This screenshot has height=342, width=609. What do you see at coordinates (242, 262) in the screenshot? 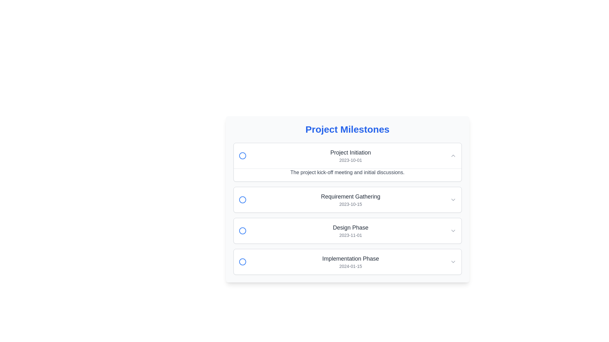
I see `the circular outline with a blue stroke and white background located to the left of the 'Implementation Phase' label in the fourth list item of the 'Project Milestones' section` at bounding box center [242, 262].